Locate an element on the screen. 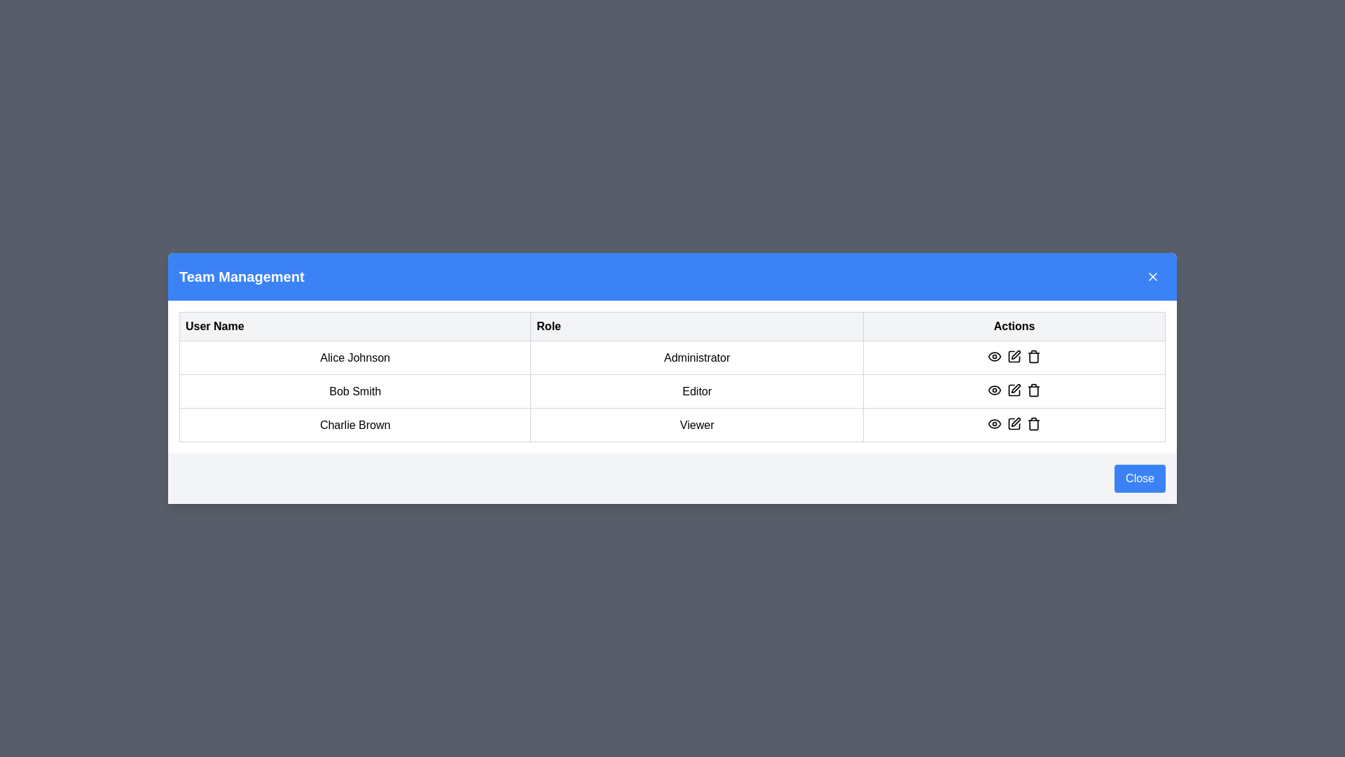  the trash icon action button located in the last position of the actions column in the third row of the table for user 'Charlie Brown' to potentially view a tooltip indicating its function is located at coordinates (1034, 423).